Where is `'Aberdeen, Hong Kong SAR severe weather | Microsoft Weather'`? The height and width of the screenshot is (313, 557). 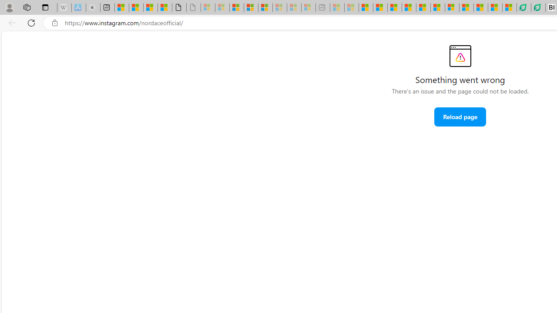 'Aberdeen, Hong Kong SAR severe weather | Microsoft Weather' is located at coordinates (165, 7).